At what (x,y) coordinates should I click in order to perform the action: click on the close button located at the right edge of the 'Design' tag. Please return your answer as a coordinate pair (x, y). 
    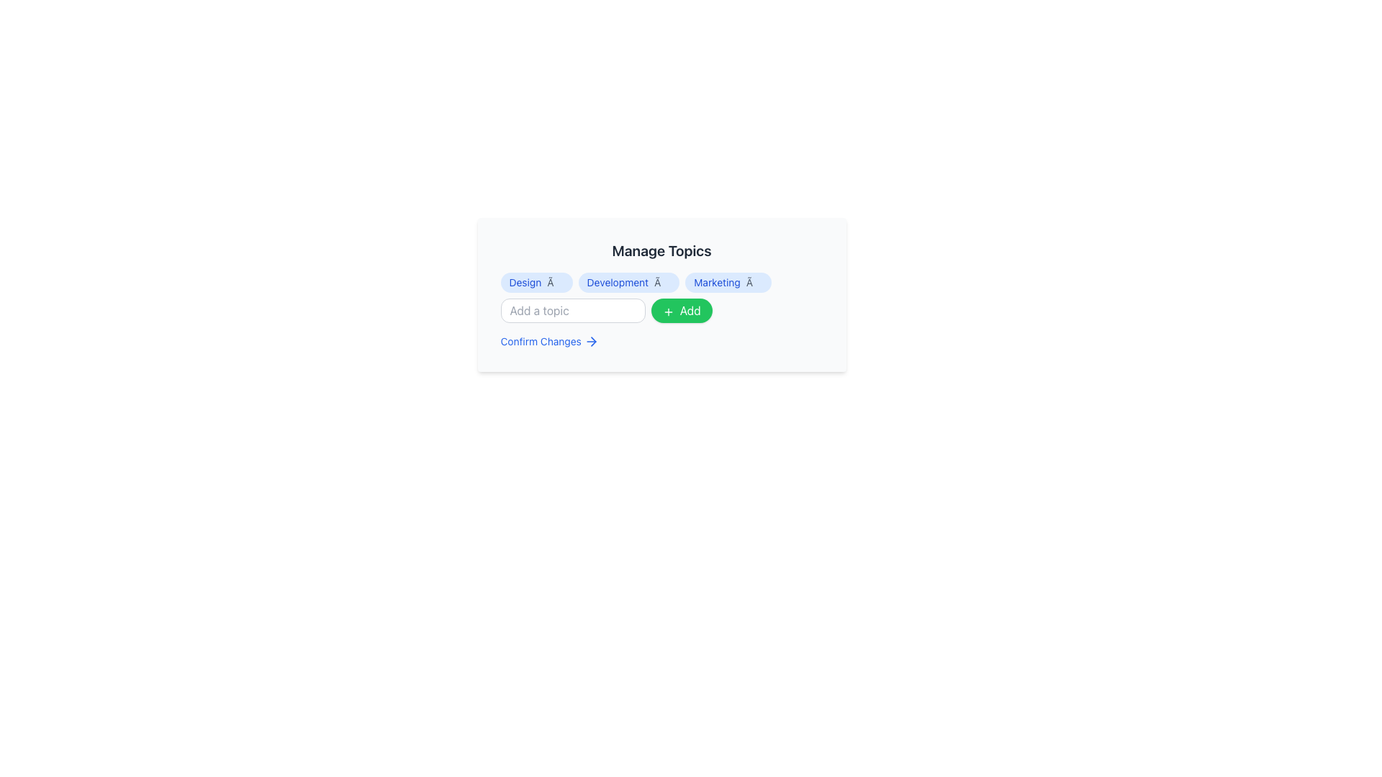
    Looking at the image, I should click on (554, 283).